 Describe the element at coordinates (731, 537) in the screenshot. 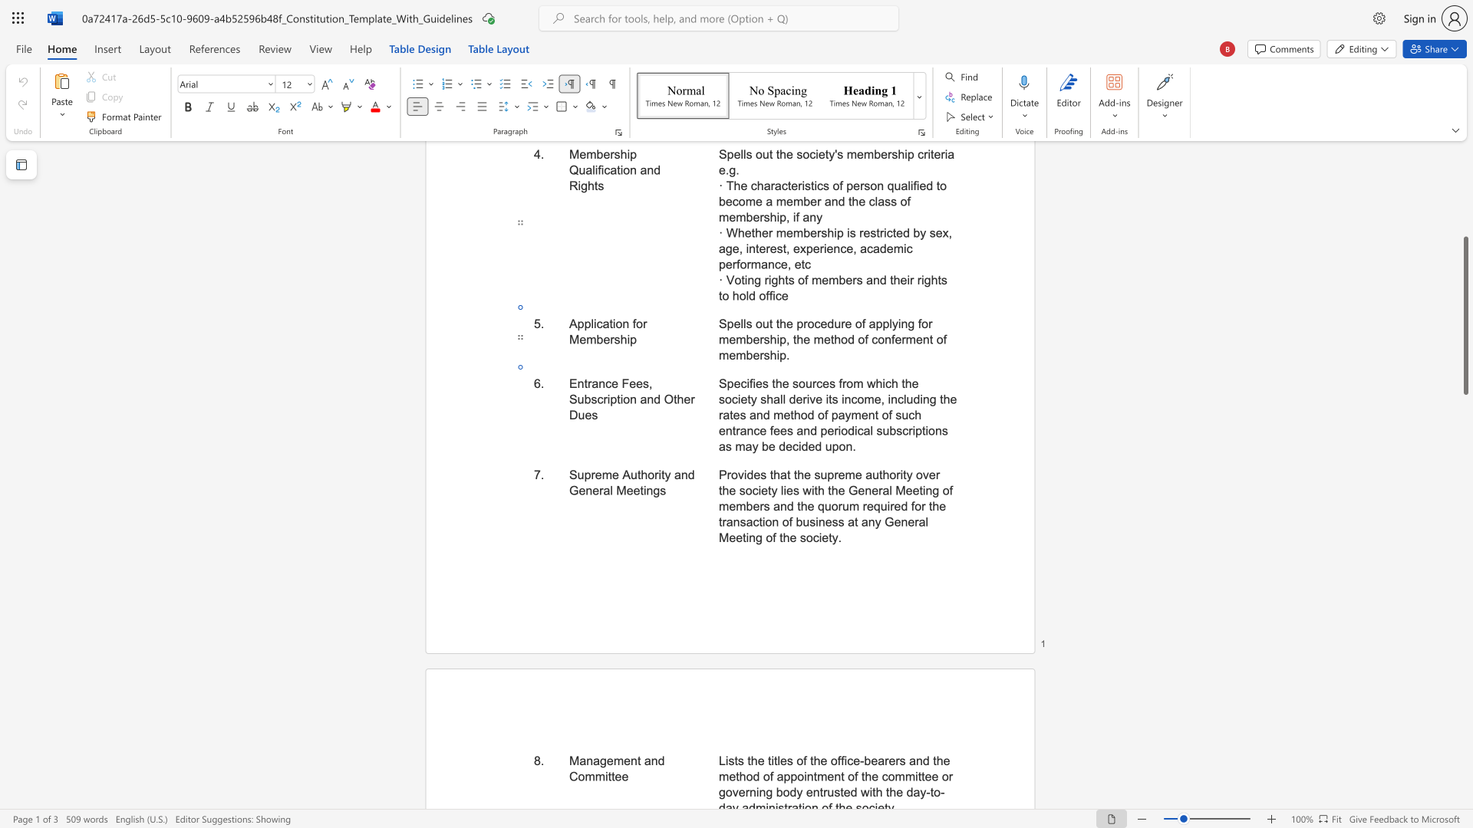

I see `the 5th character "e" in the text` at that location.